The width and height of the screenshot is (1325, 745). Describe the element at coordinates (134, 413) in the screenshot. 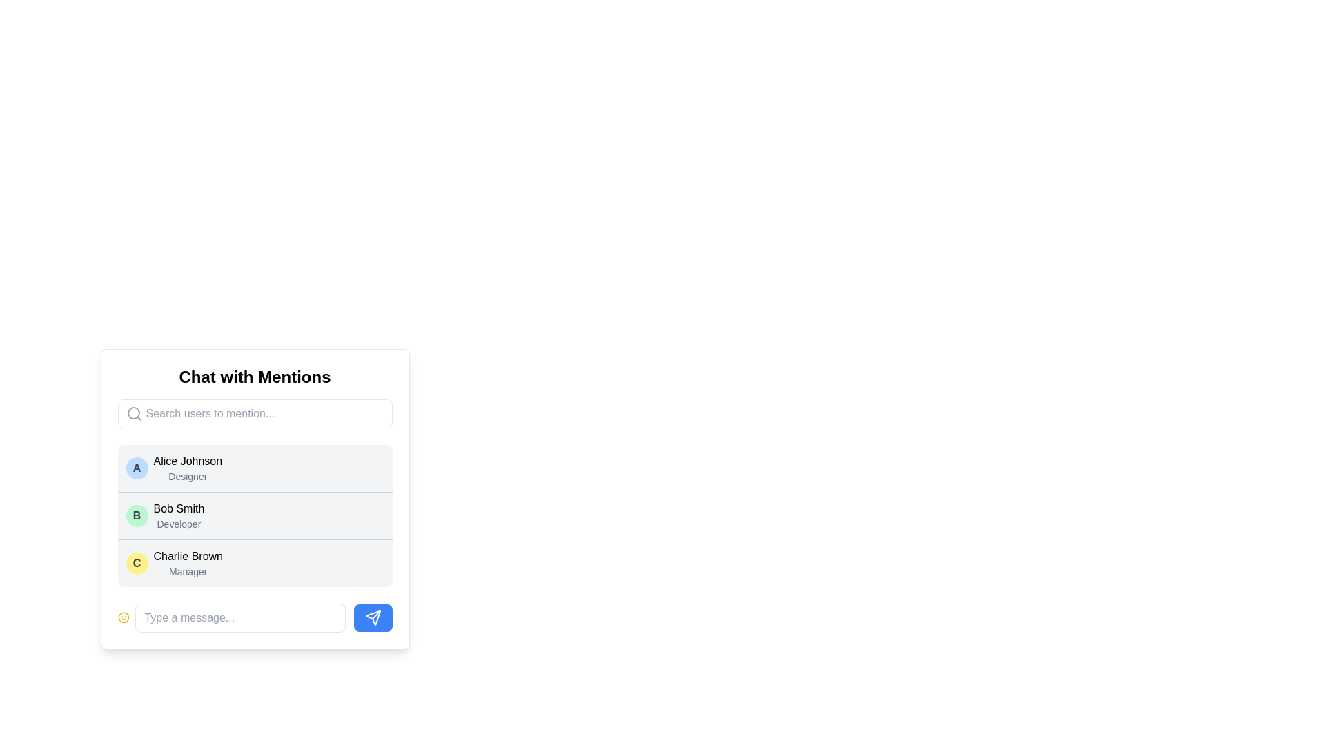

I see `the gray magnifying glass icon located at the left edge of the input box with the placeholder text 'Search users to mention...'` at that location.